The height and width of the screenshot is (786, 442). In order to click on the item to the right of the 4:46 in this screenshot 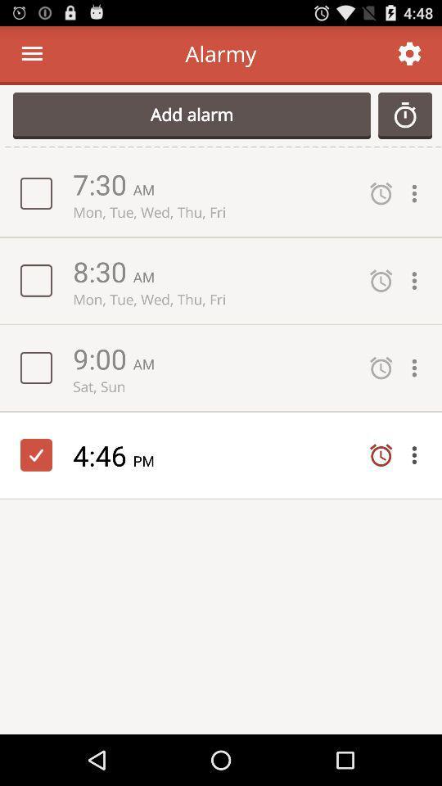, I will do `click(149, 460)`.